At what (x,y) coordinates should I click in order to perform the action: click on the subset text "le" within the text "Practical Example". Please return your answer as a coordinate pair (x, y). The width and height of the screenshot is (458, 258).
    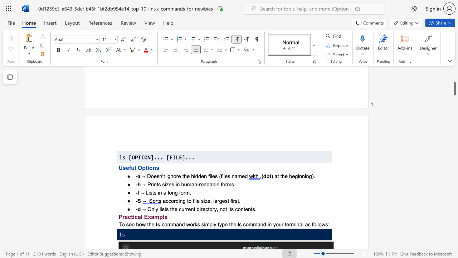
    Looking at the image, I should click on (162, 216).